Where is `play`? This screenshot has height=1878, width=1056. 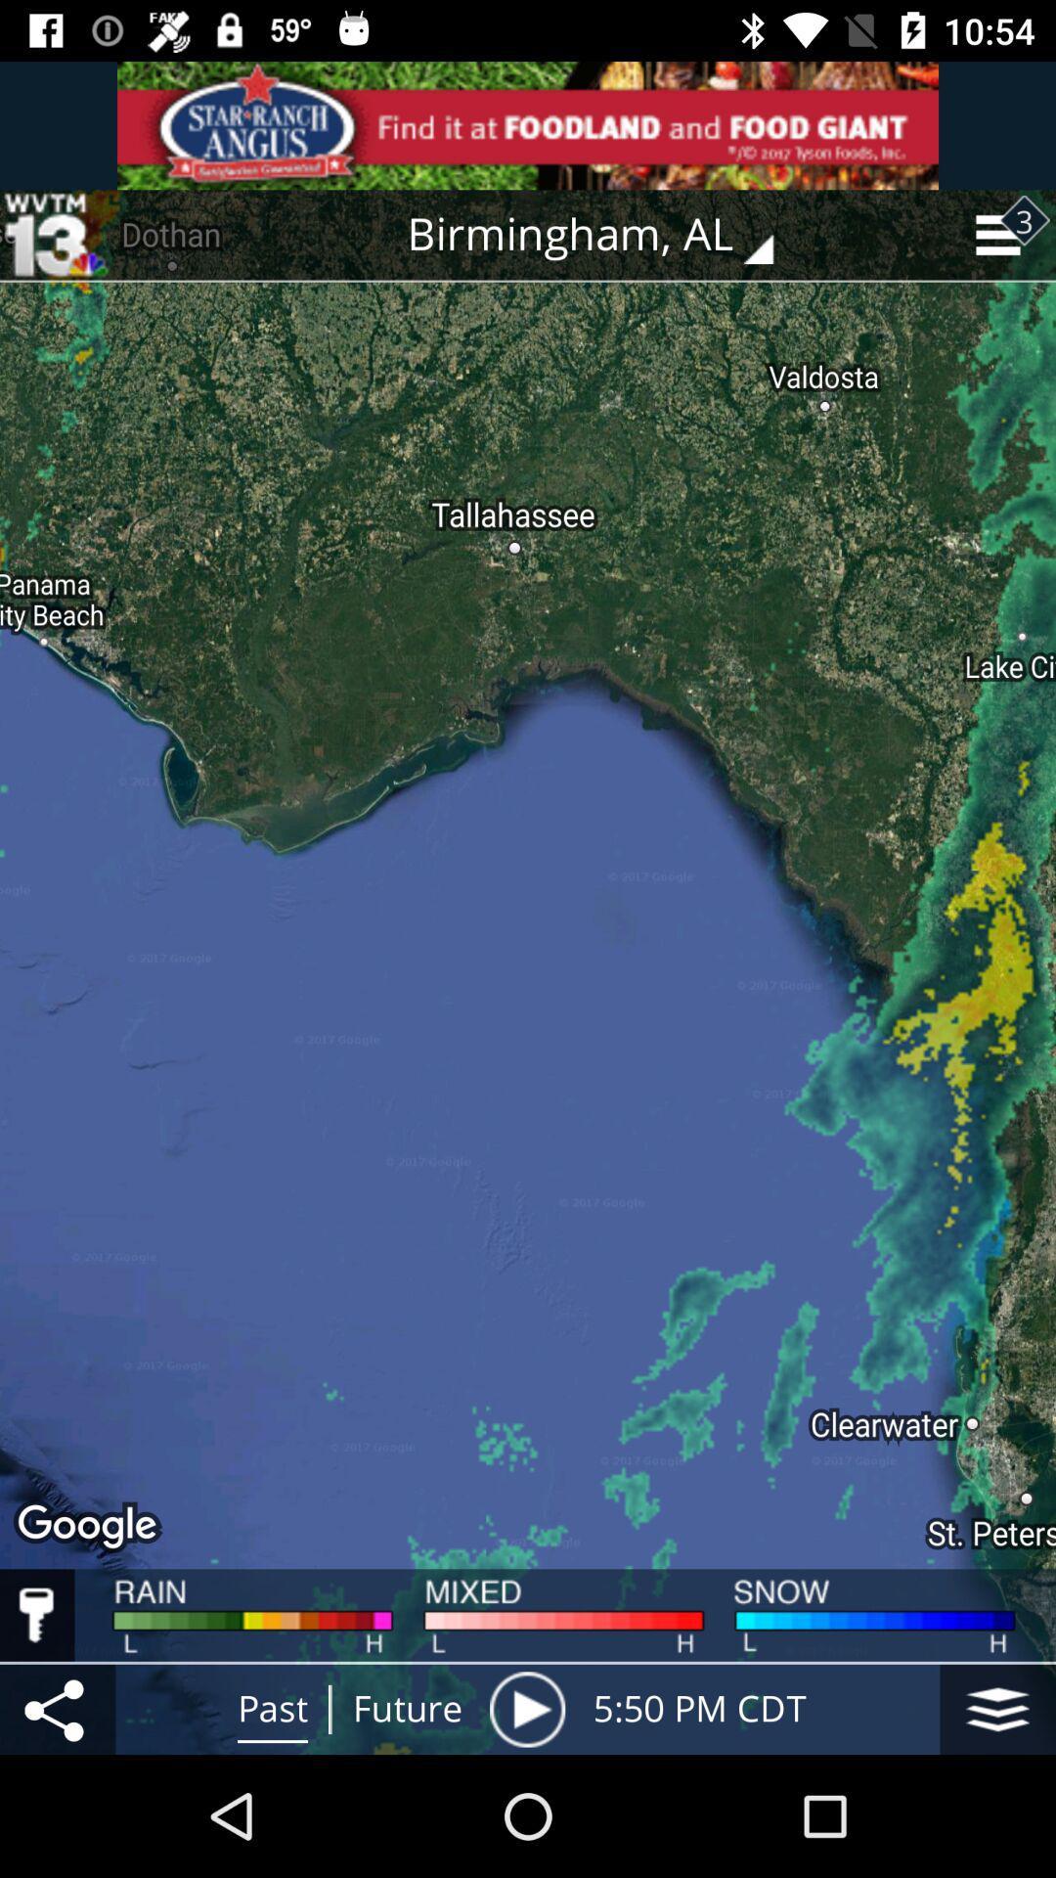 play is located at coordinates (526, 1708).